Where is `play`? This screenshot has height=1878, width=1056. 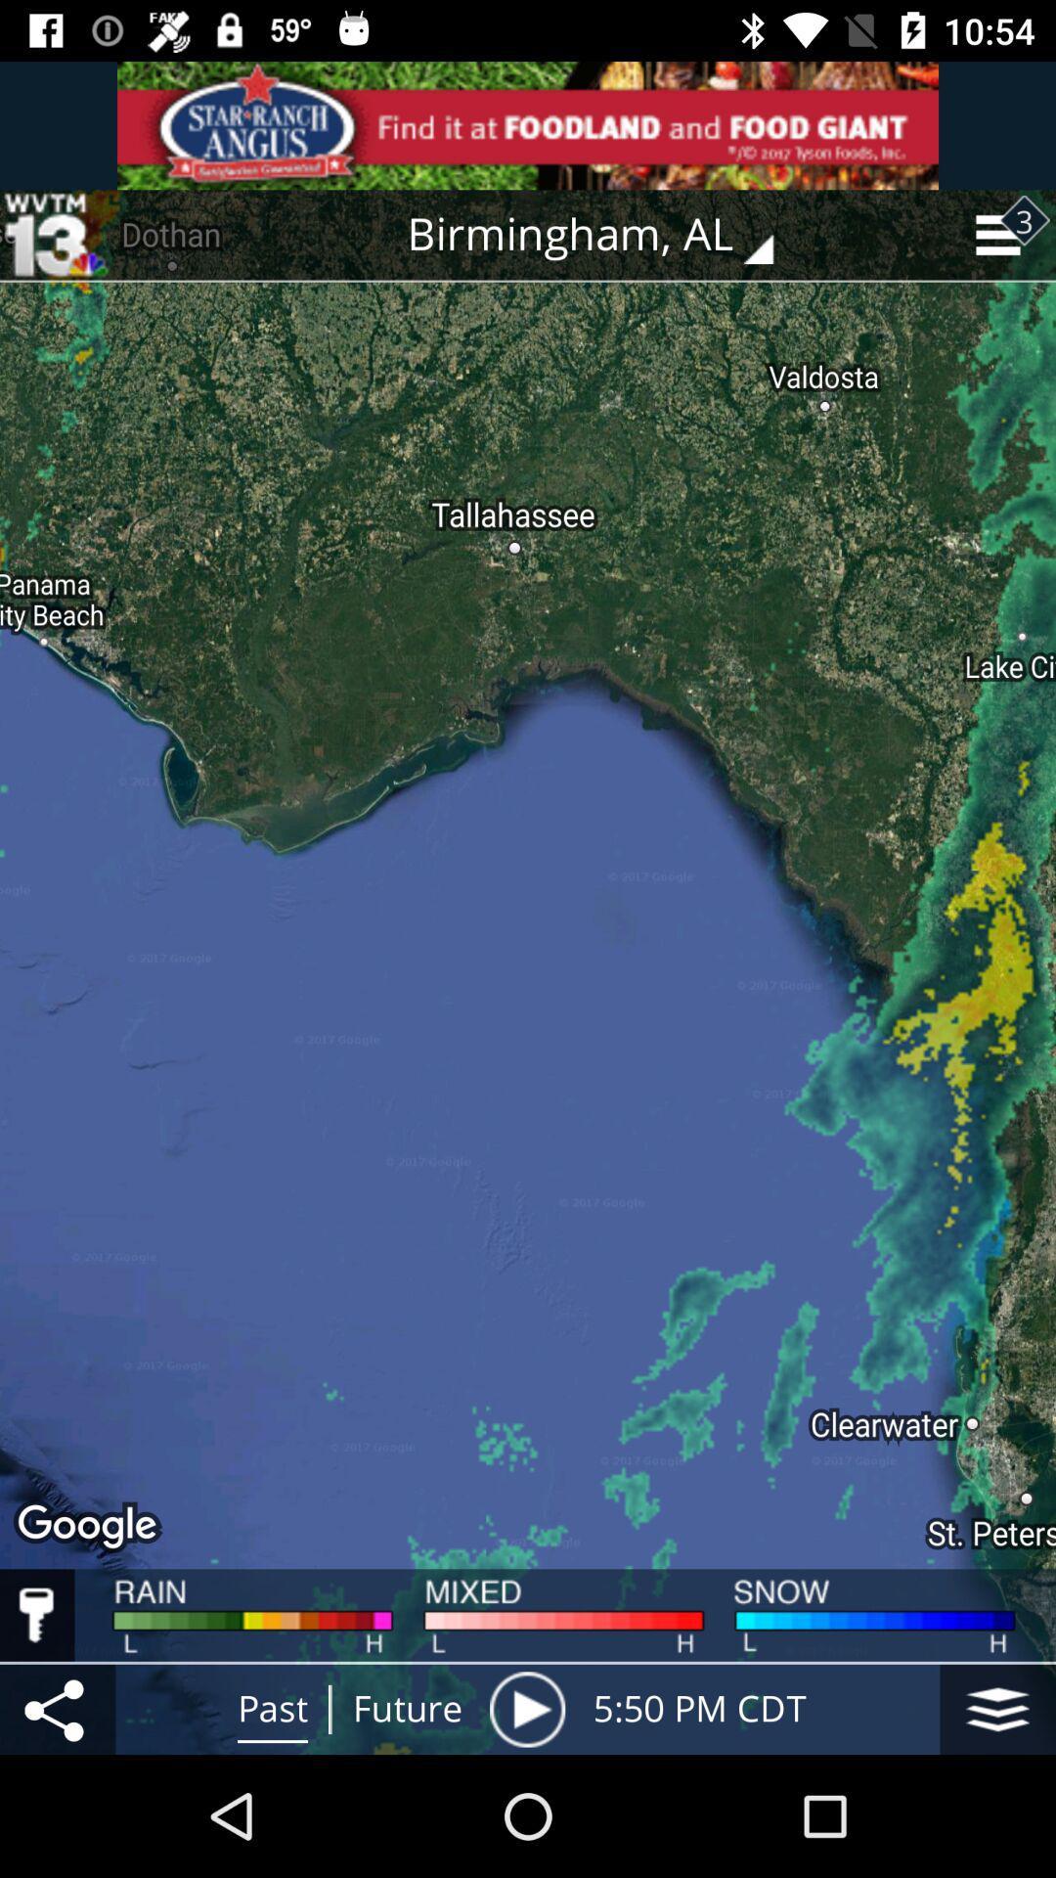 play is located at coordinates (526, 1708).